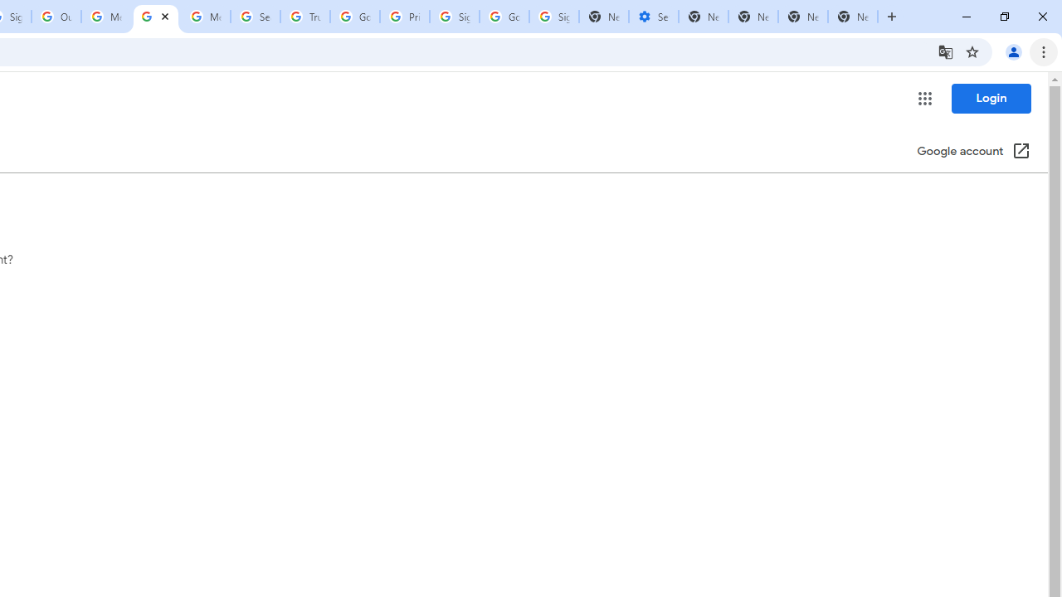  Describe the element at coordinates (455, 17) in the screenshot. I see `'Sign in - Google Accounts'` at that location.